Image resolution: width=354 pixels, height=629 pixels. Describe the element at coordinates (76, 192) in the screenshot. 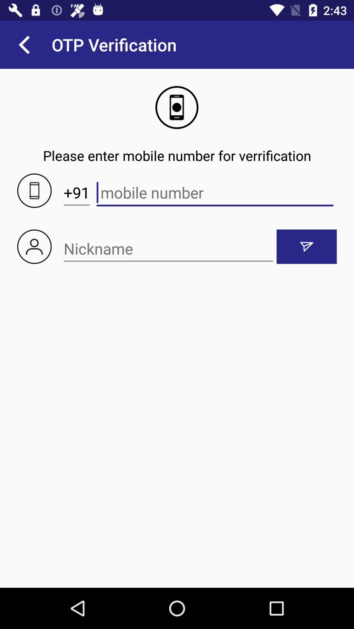

I see `item below please enter mobile` at that location.